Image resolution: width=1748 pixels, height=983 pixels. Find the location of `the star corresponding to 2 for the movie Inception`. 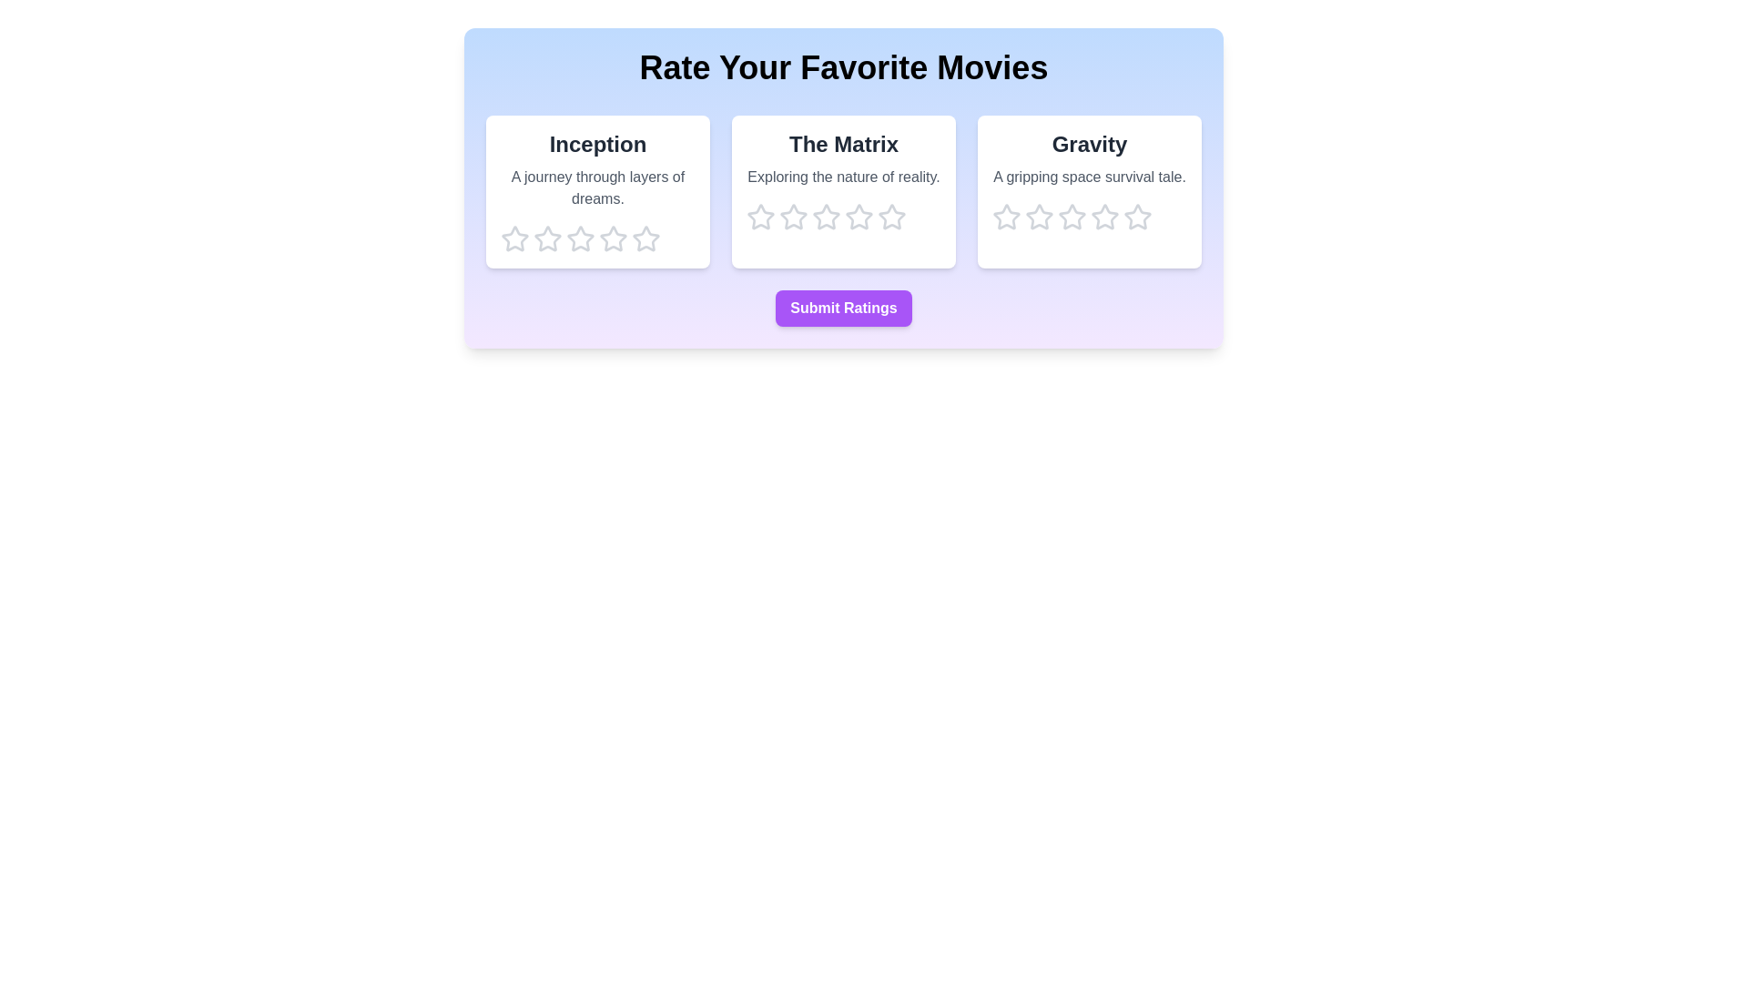

the star corresponding to 2 for the movie Inception is located at coordinates (546, 238).